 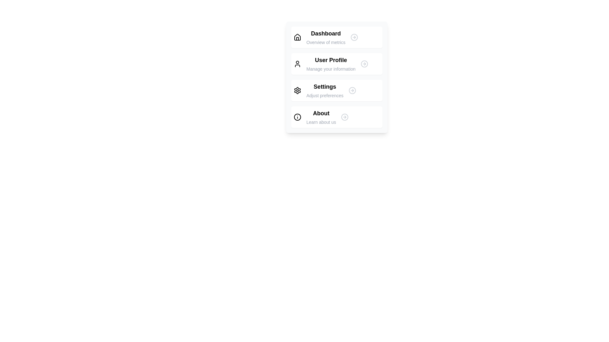 I want to click on the profile management button located below the 'Dashboard' card and above the 'Settings' card in the vertical list of cards, so click(x=336, y=64).